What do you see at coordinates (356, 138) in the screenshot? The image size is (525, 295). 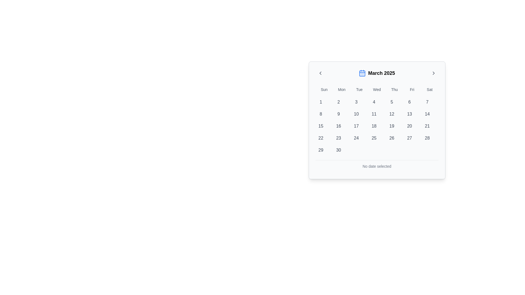 I see `the circular button displaying '24' in the calendar grid for March 2025, located in the sixth row and third column` at bounding box center [356, 138].